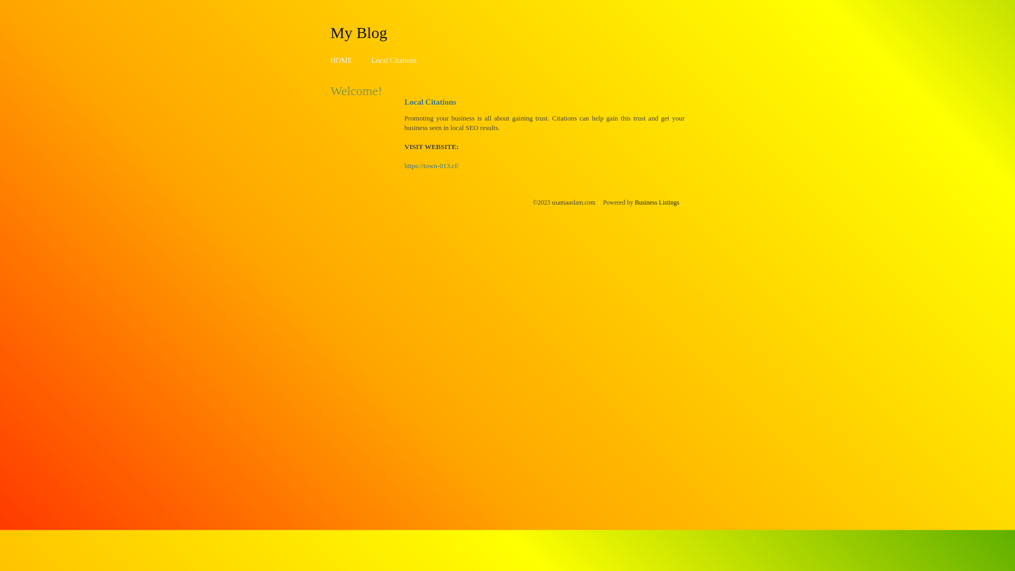  What do you see at coordinates (341, 60) in the screenshot?
I see `'HOME'` at bounding box center [341, 60].